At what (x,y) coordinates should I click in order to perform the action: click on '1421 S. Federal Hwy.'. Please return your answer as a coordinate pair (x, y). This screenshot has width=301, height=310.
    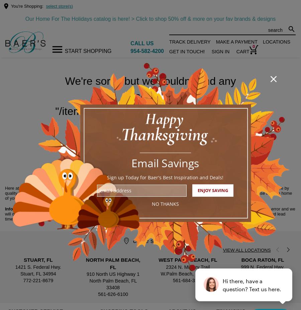
    Looking at the image, I should click on (38, 266).